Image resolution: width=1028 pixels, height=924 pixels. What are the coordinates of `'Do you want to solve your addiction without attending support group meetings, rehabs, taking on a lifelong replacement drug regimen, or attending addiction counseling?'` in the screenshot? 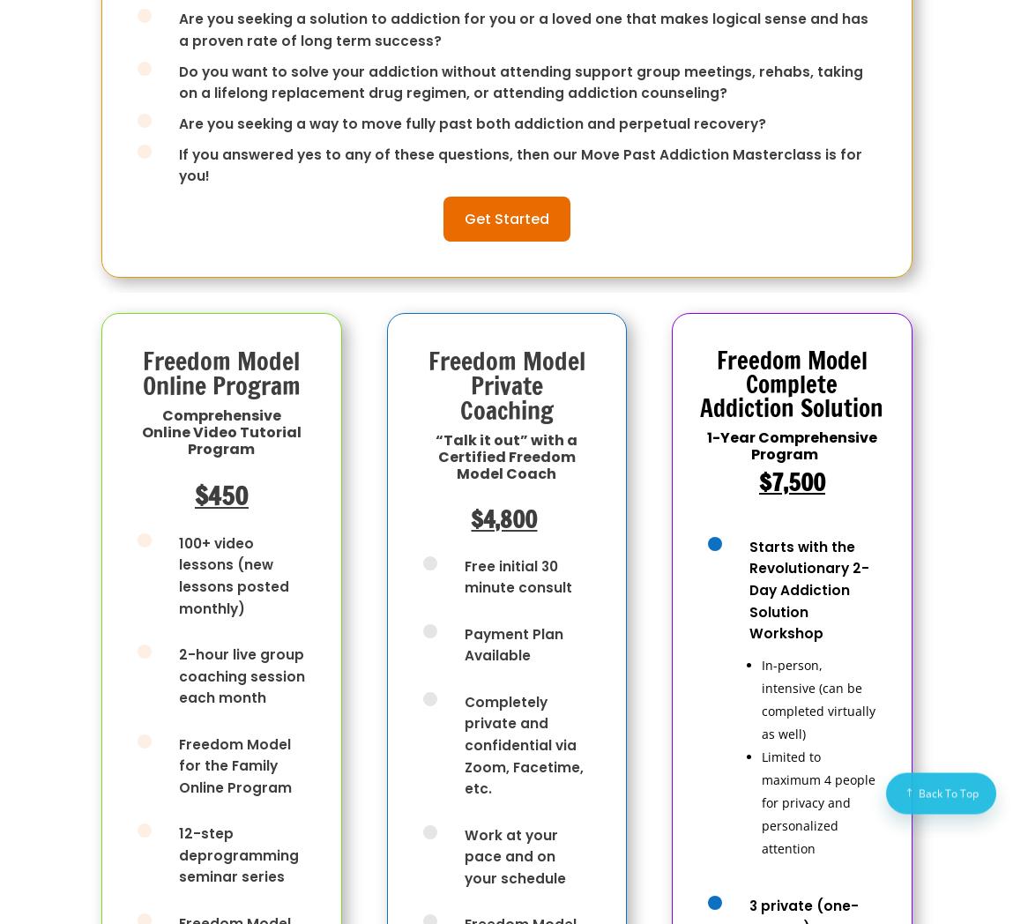 It's located at (521, 80).